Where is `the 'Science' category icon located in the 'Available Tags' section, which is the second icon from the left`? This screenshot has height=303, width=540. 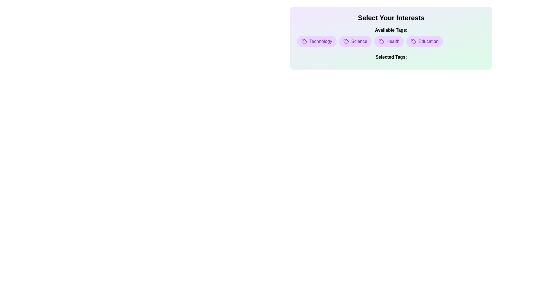
the 'Science' category icon located in the 'Available Tags' section, which is the second icon from the left is located at coordinates (346, 41).